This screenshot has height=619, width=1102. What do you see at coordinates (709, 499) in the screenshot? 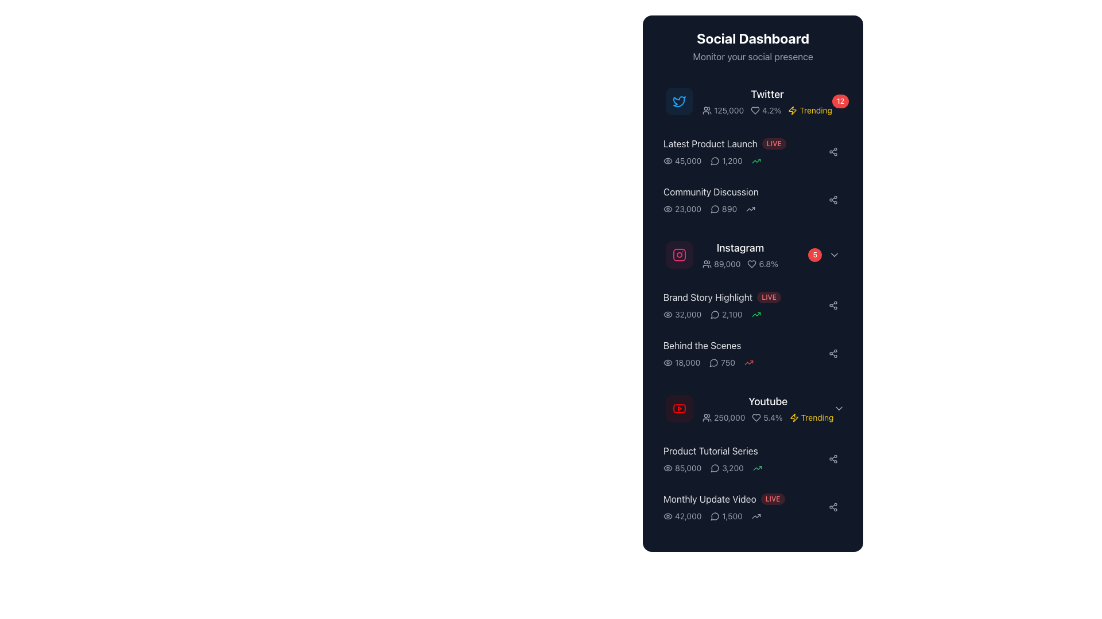
I see `the text label that displays 'Monthly Update Video' located at the bottom of the Social Dashboard component` at bounding box center [709, 499].